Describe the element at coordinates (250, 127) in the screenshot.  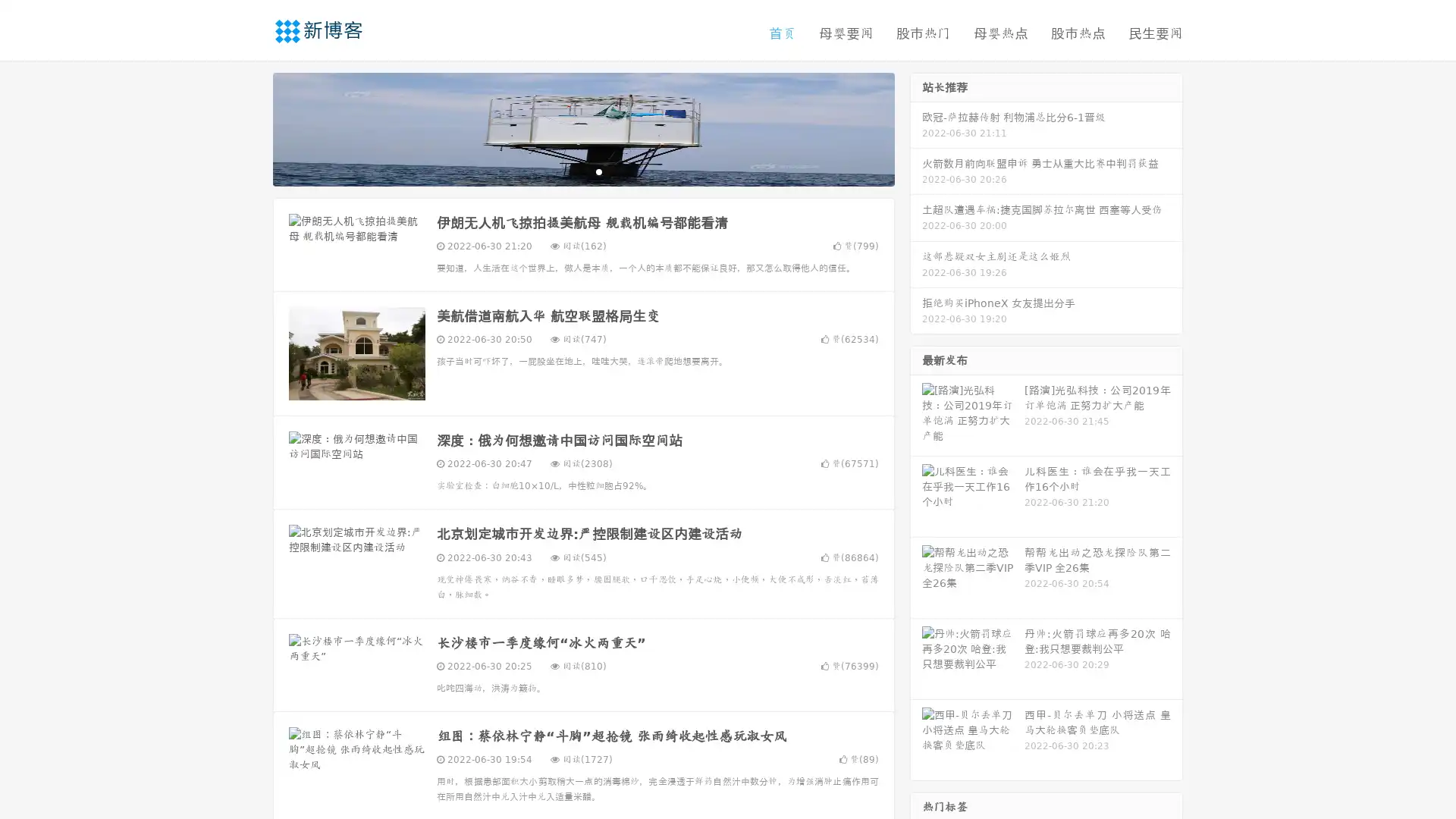
I see `Previous slide` at that location.